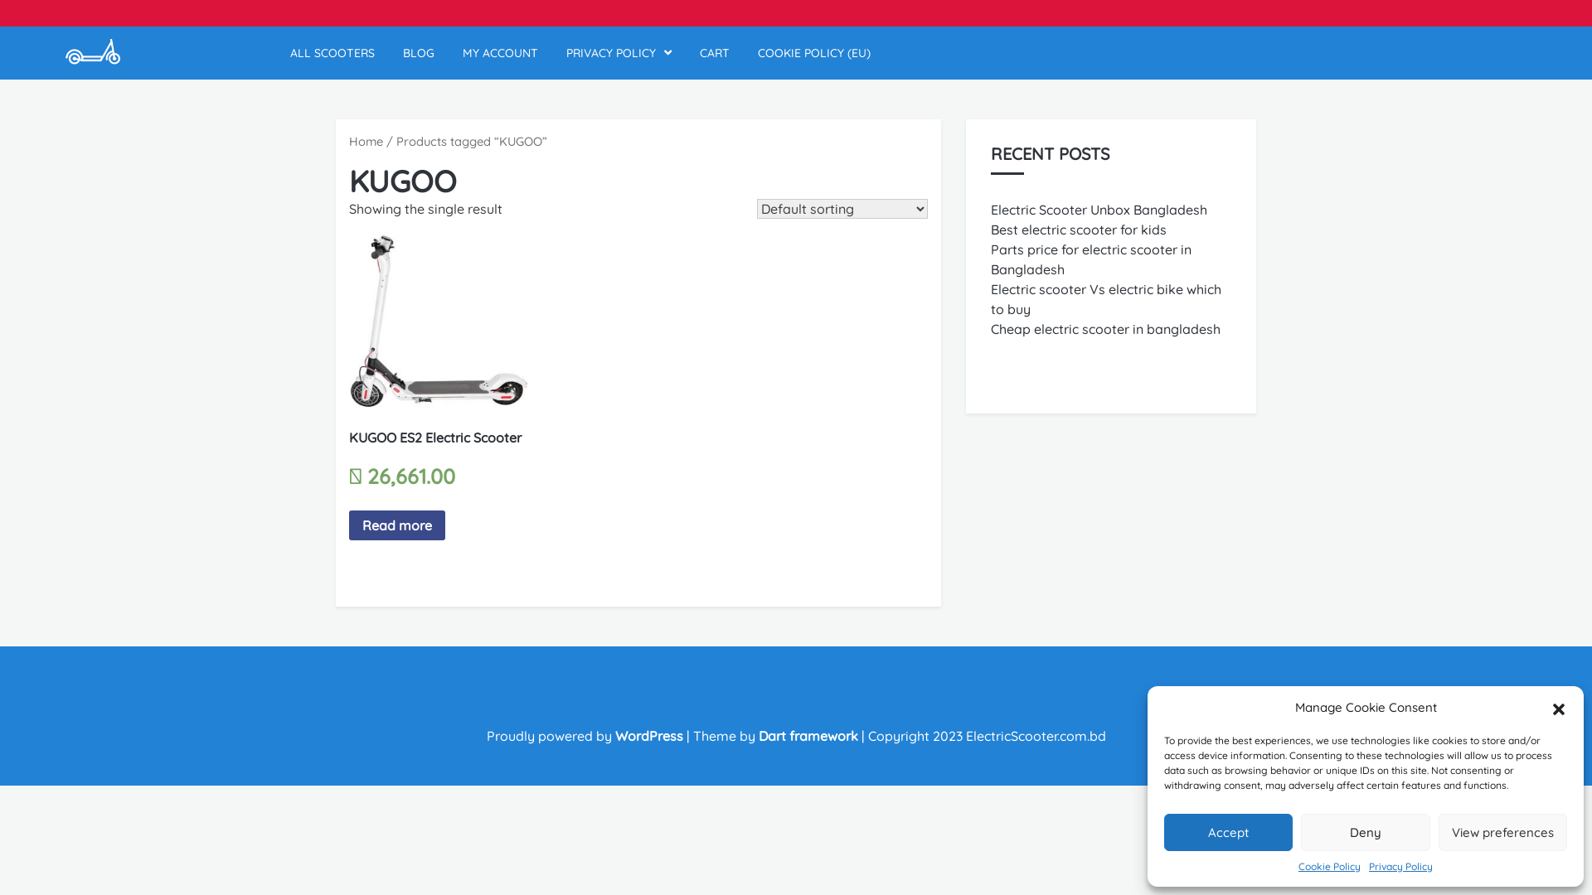 The image size is (1592, 895). I want to click on 'Deny', so click(1365, 832).